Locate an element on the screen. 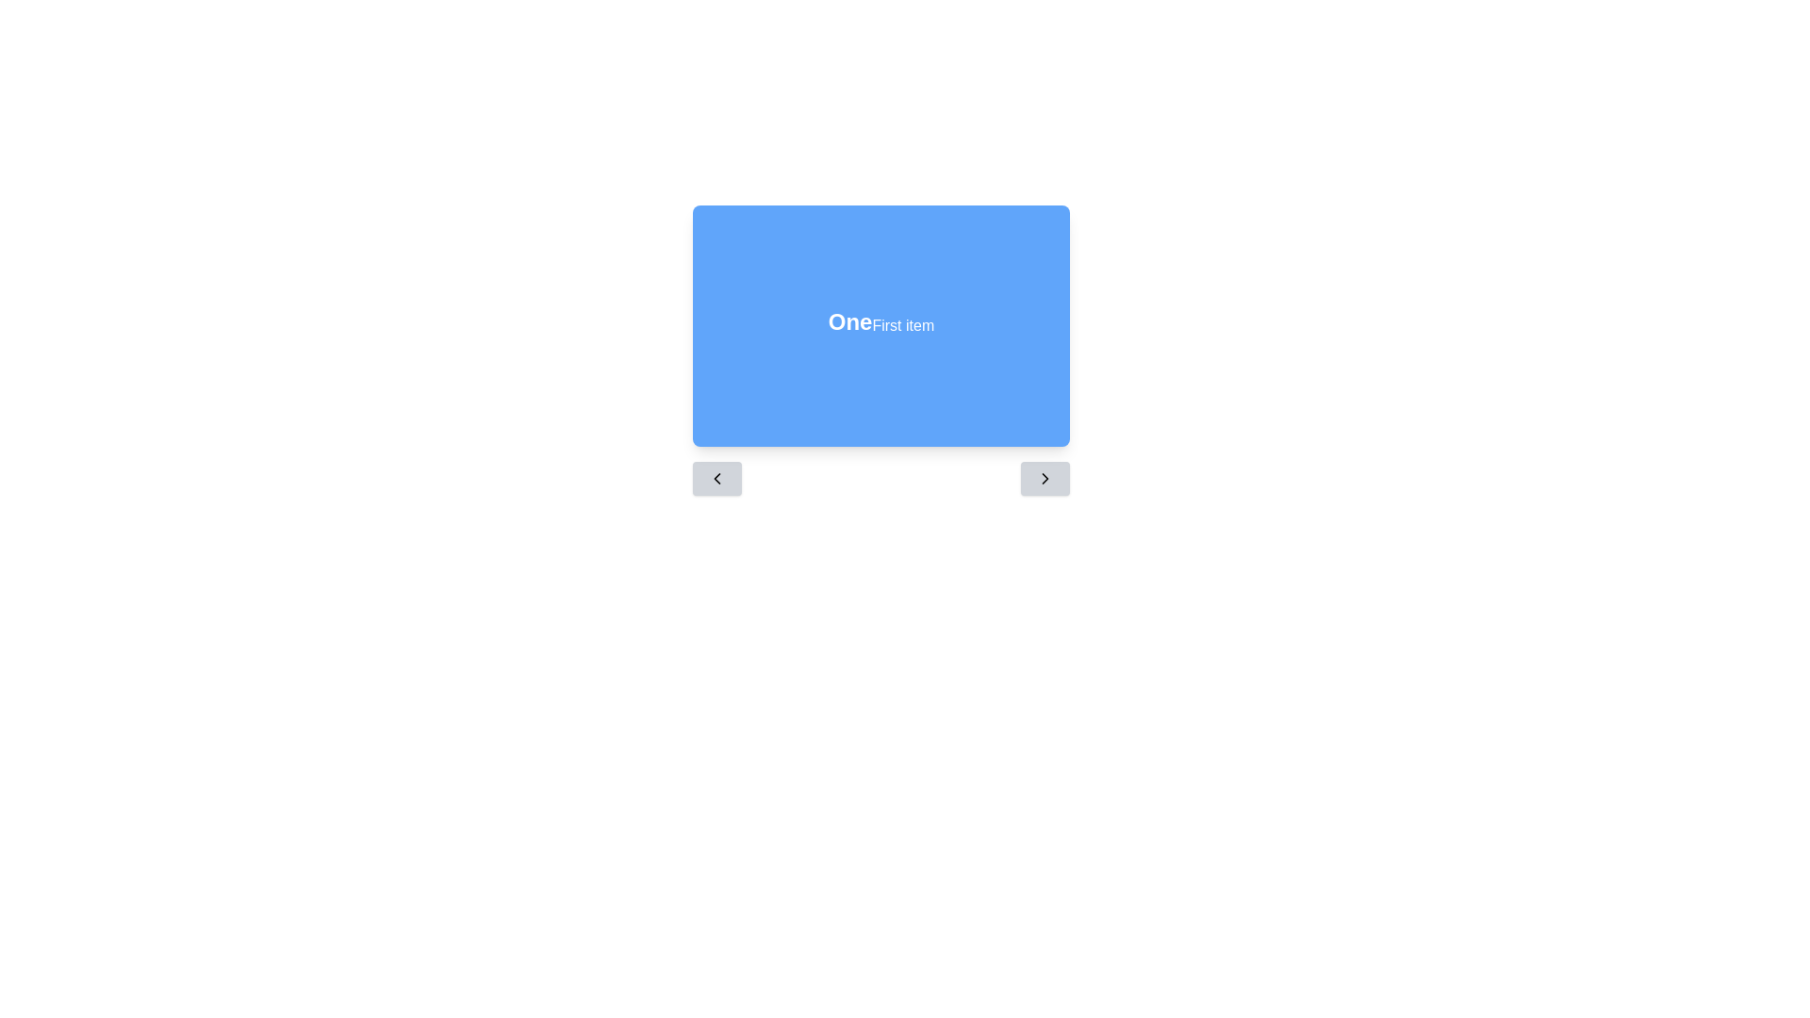  the rectangular button with a gray background and rounded border that has a right chevron icon at its center is located at coordinates (1044, 478).